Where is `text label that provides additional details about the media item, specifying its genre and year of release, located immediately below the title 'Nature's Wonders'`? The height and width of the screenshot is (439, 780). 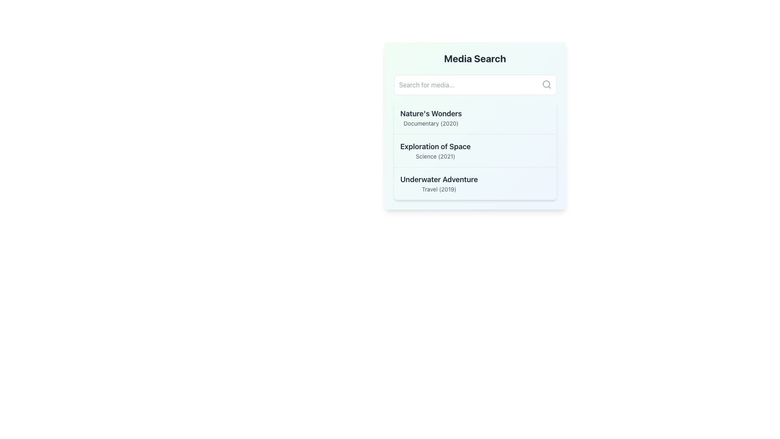 text label that provides additional details about the media item, specifying its genre and year of release, located immediately below the title 'Nature's Wonders' is located at coordinates (431, 124).